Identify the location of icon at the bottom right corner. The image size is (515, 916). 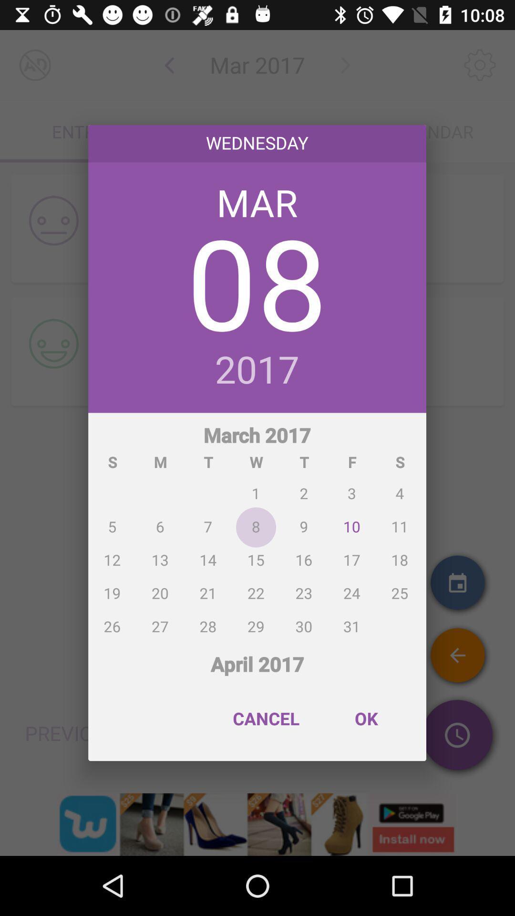
(365, 718).